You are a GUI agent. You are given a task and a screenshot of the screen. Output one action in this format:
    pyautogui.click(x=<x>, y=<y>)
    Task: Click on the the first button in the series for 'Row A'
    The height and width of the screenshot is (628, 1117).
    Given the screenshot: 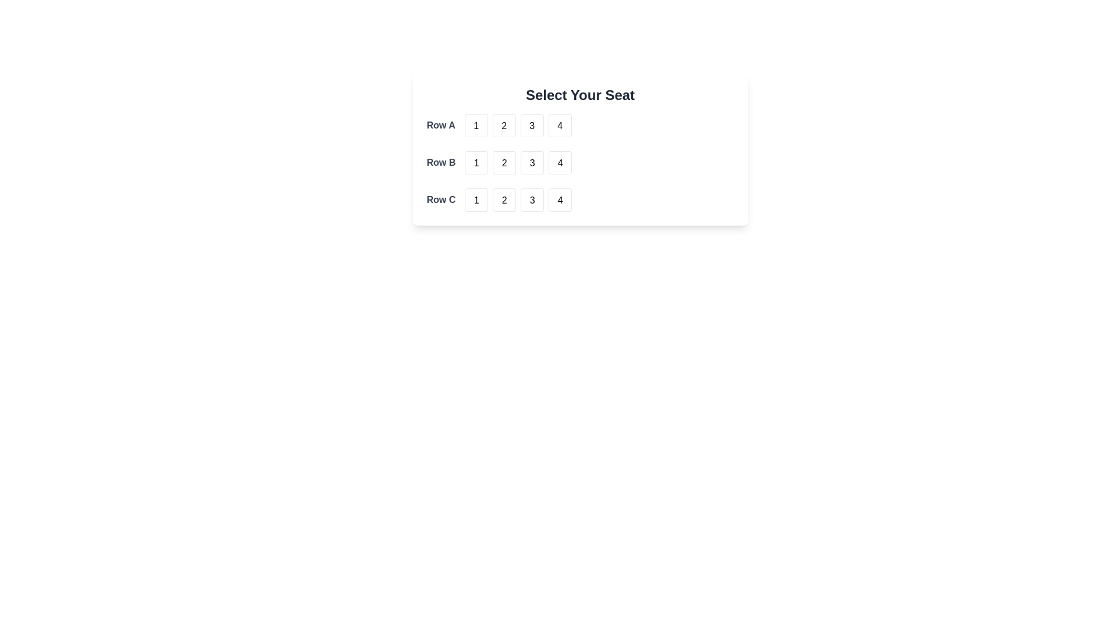 What is the action you would take?
    pyautogui.click(x=476, y=126)
    